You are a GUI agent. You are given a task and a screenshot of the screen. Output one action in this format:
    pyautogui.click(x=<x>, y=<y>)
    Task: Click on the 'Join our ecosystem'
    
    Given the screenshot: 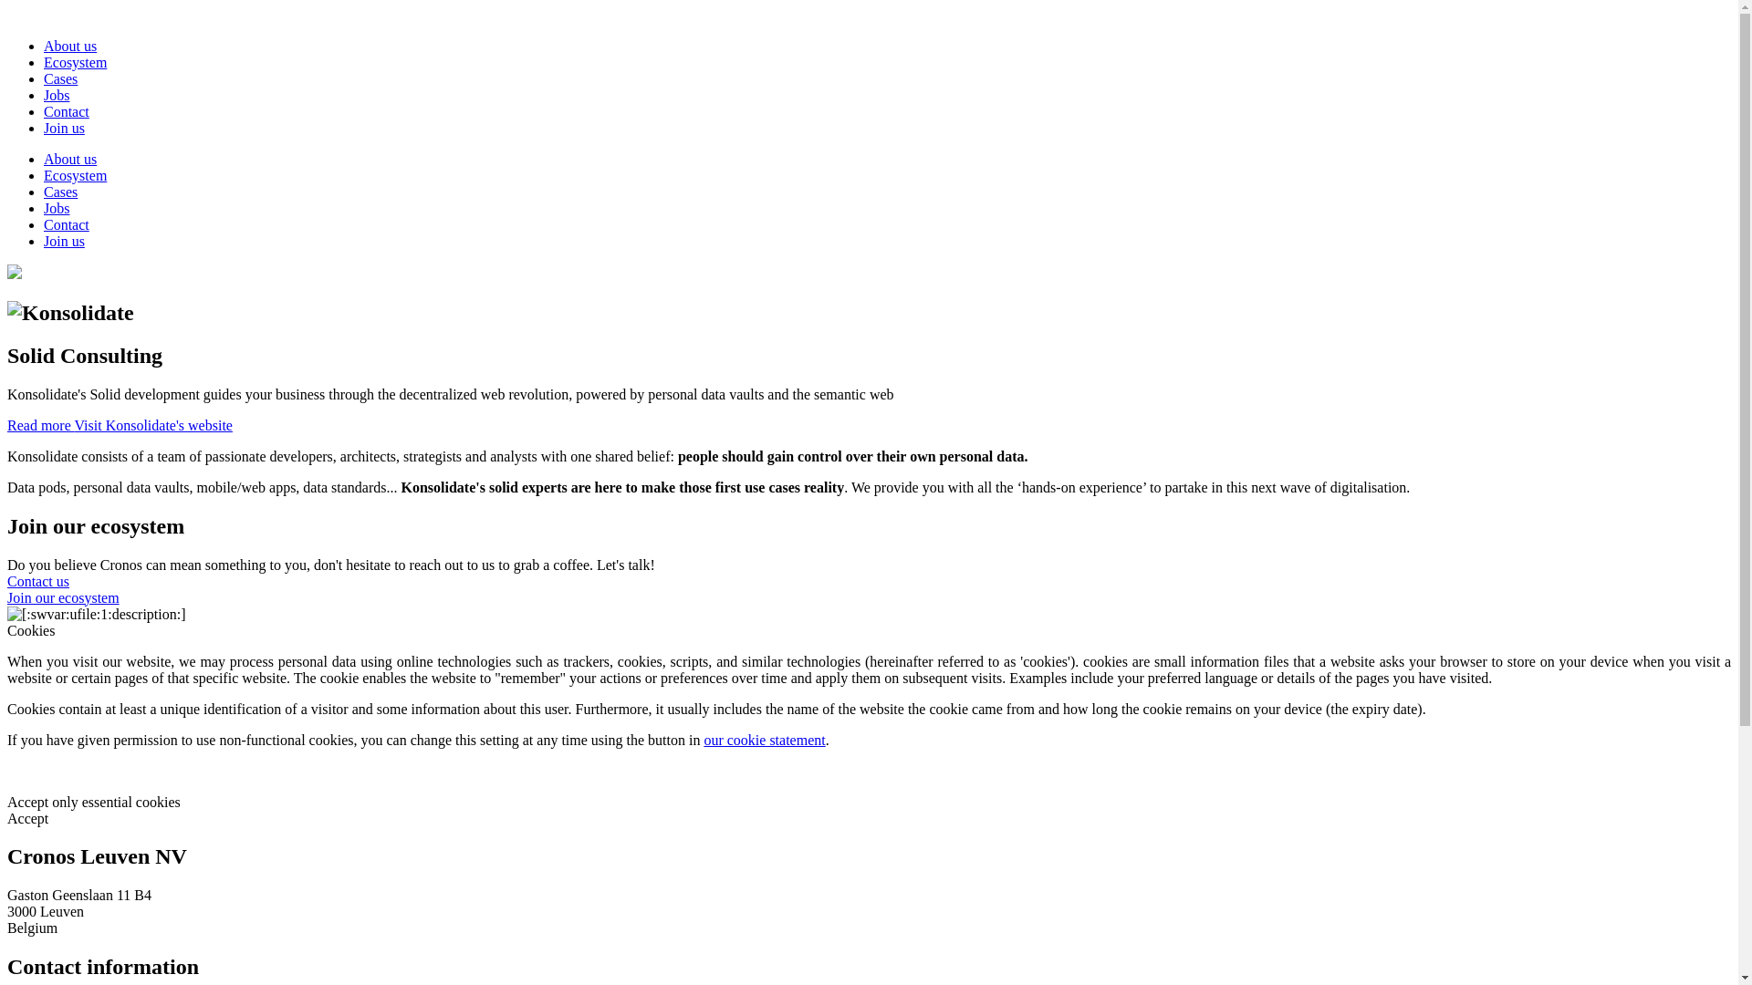 What is the action you would take?
    pyautogui.click(x=7, y=597)
    